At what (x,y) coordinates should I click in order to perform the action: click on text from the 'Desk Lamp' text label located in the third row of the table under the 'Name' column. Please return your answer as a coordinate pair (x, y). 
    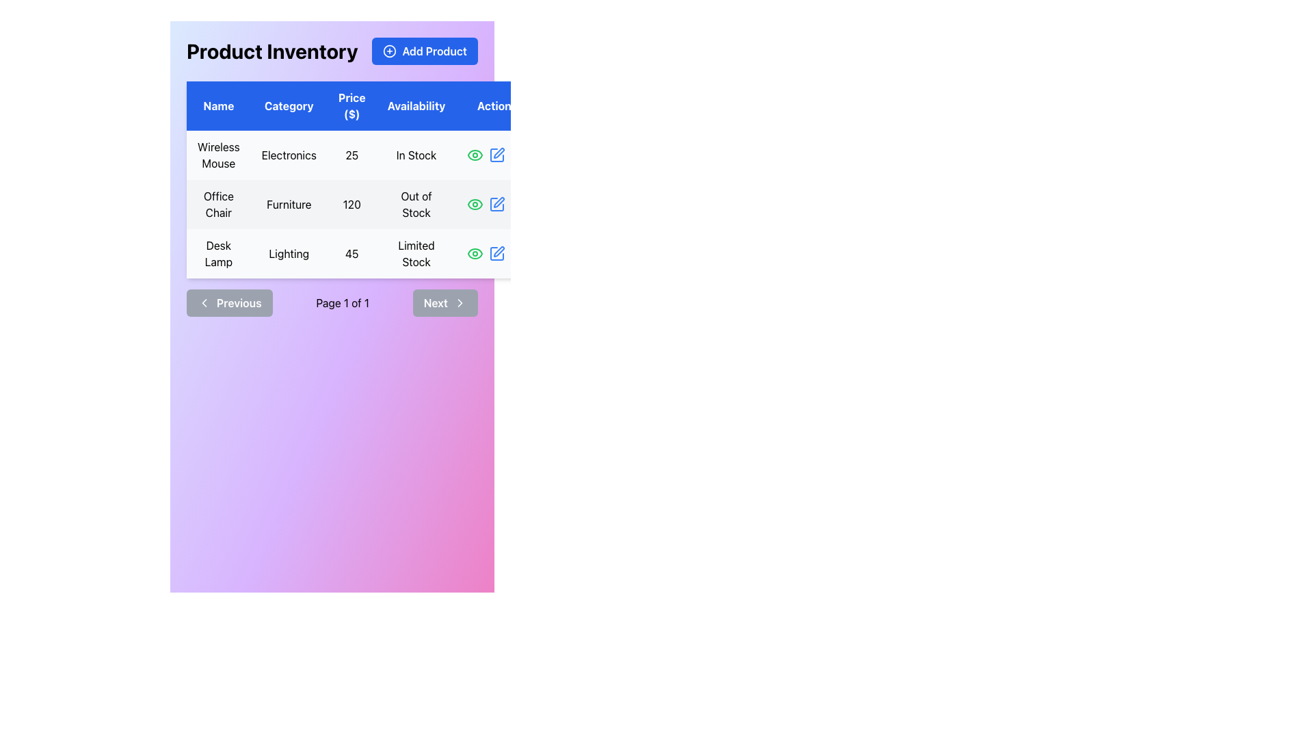
    Looking at the image, I should click on (217, 253).